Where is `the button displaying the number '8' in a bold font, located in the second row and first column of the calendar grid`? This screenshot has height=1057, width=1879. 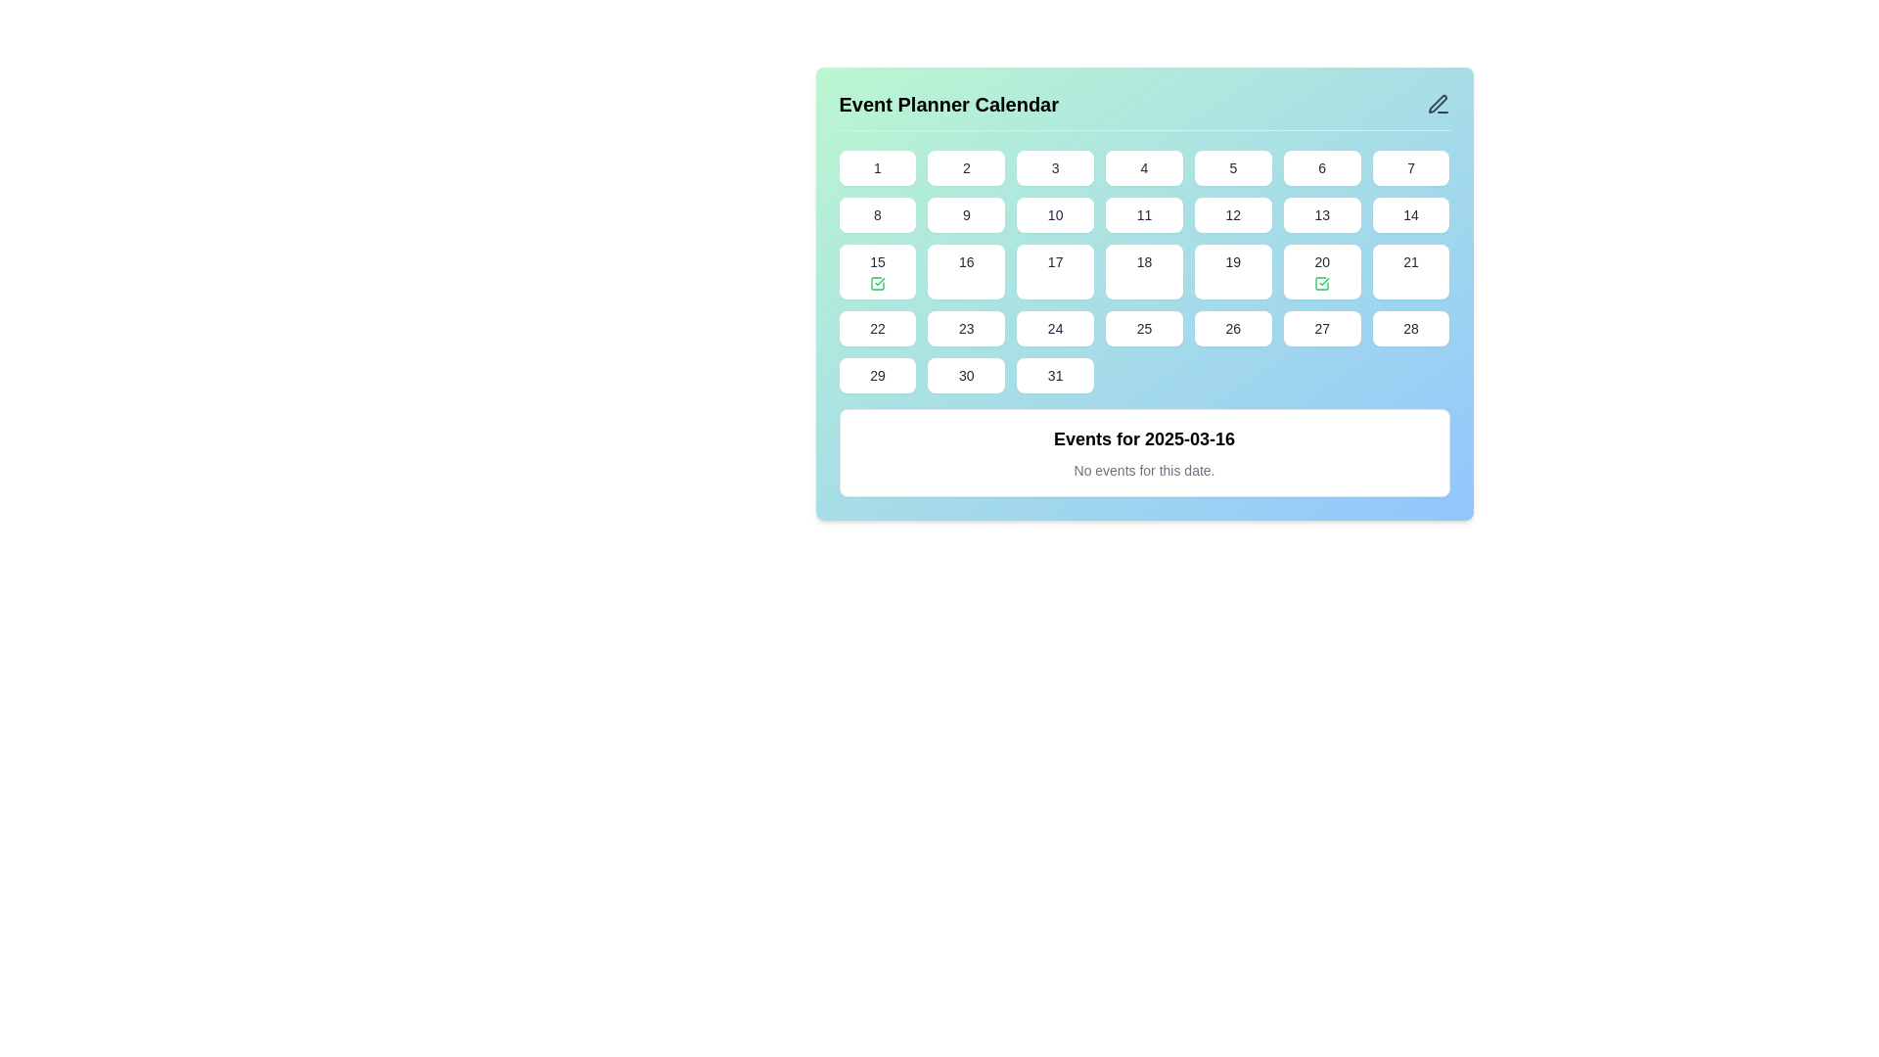 the button displaying the number '8' in a bold font, located in the second row and first column of the calendar grid is located at coordinates (876, 214).